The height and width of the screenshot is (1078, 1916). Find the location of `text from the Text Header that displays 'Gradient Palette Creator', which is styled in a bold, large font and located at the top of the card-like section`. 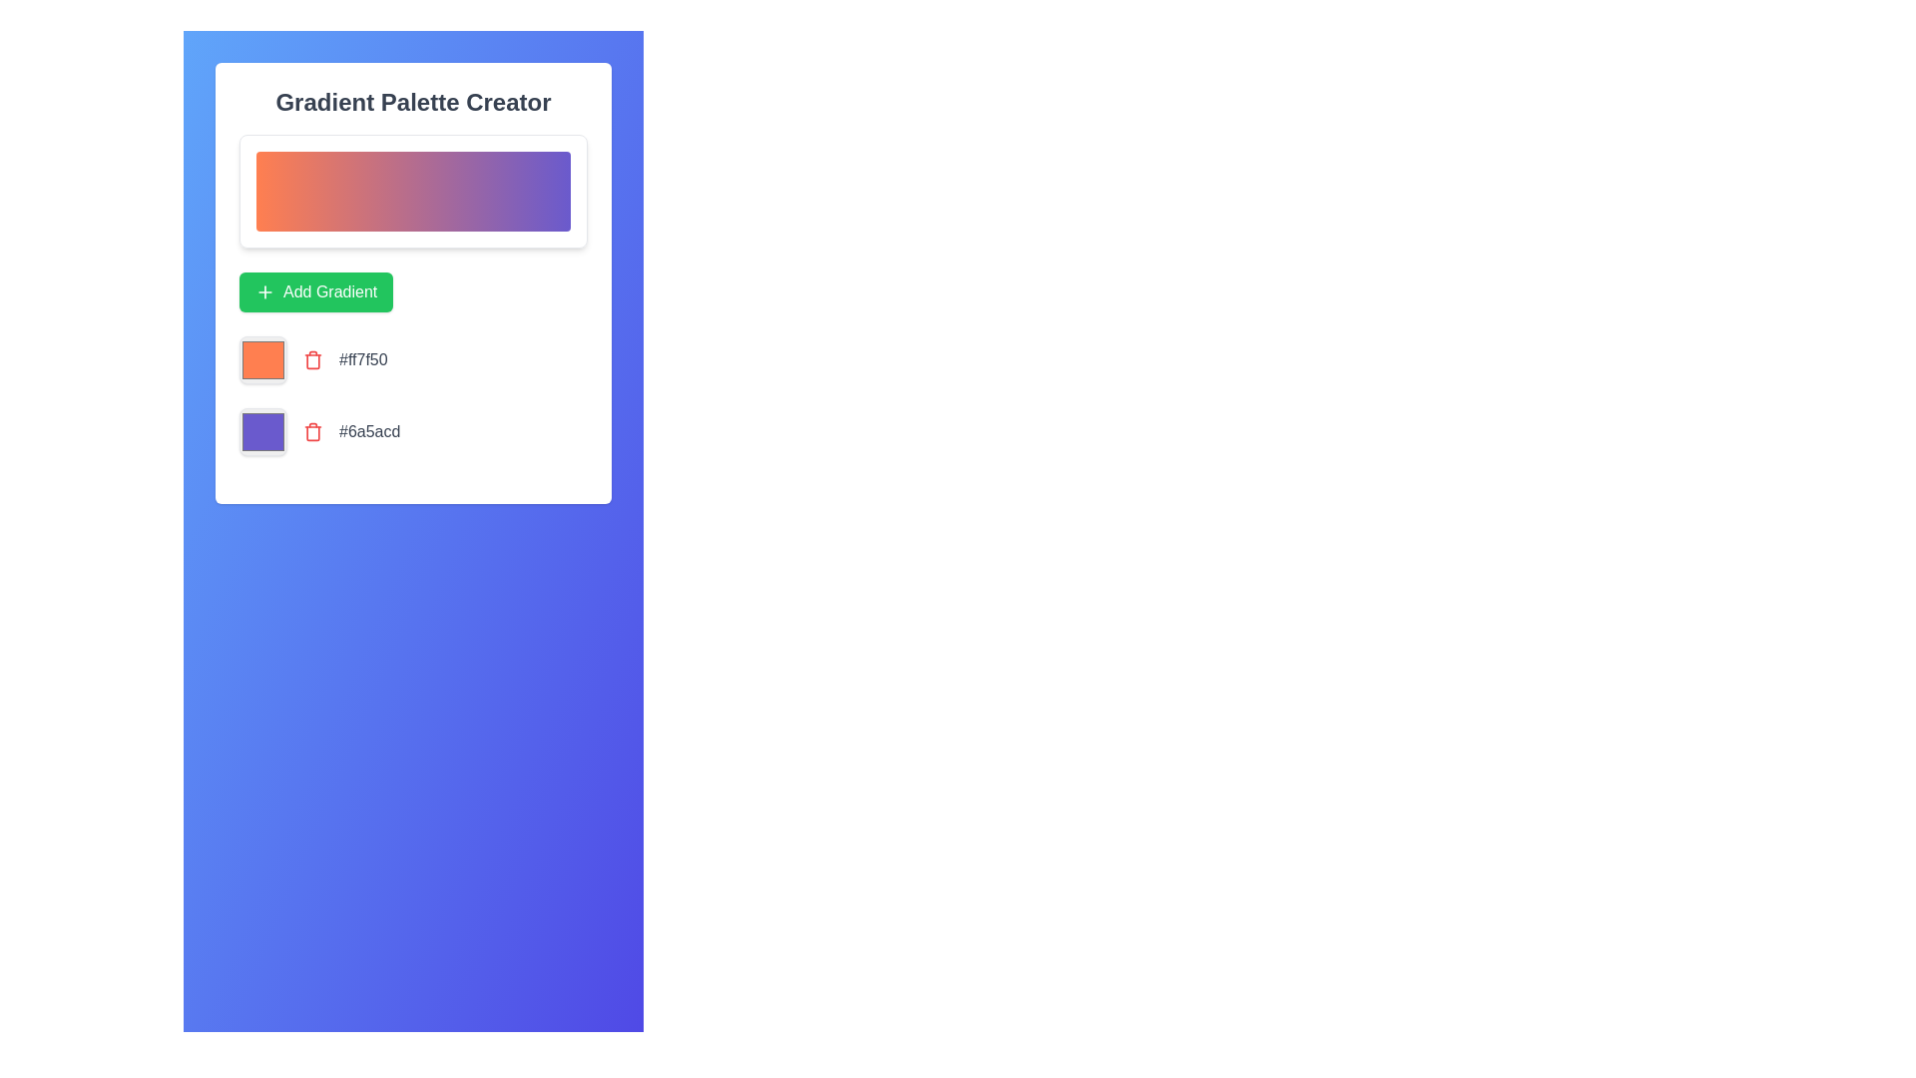

text from the Text Header that displays 'Gradient Palette Creator', which is styled in a bold, large font and located at the top of the card-like section is located at coordinates (412, 103).